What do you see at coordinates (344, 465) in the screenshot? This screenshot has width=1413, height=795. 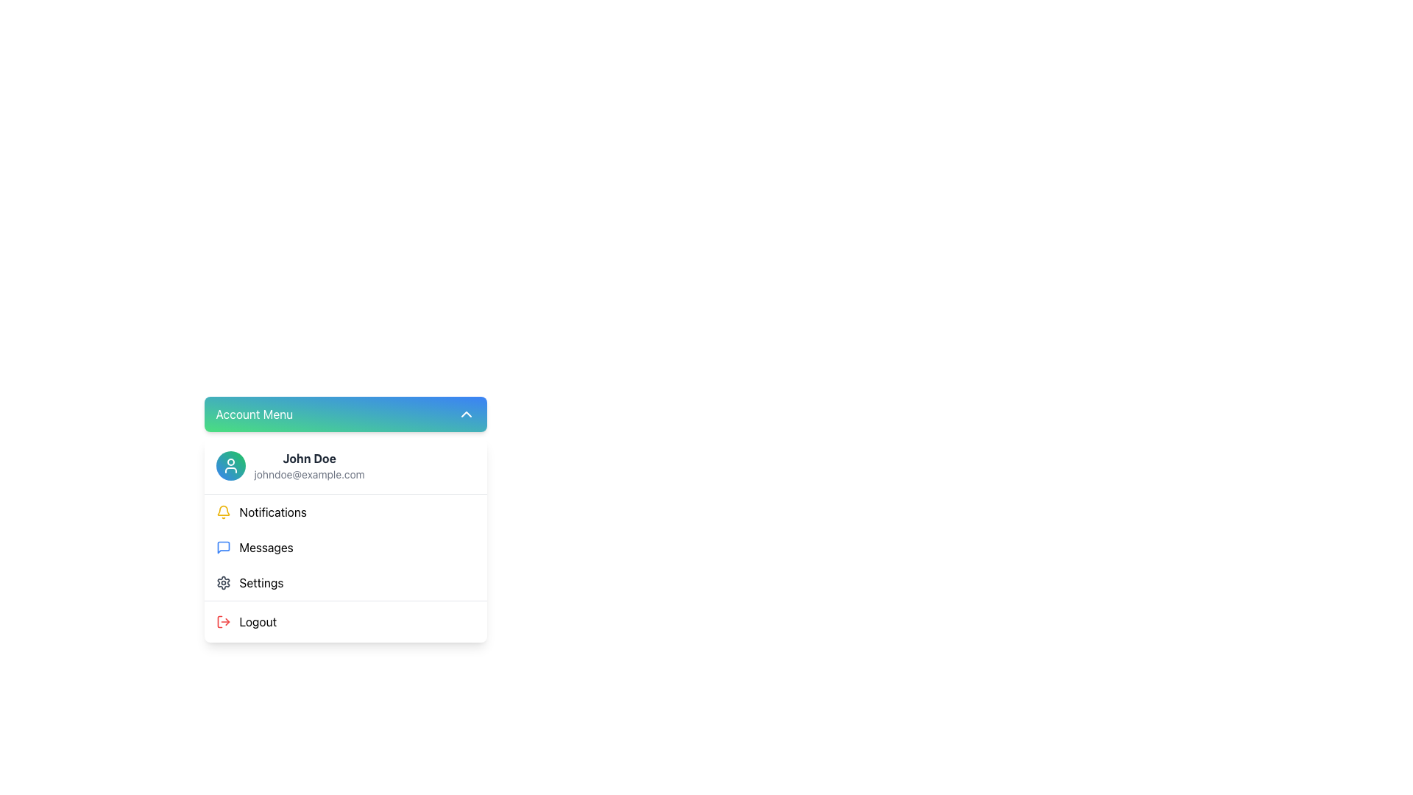 I see `the User profile summary section located at the top of the 'Account Menu' dropdown` at bounding box center [344, 465].